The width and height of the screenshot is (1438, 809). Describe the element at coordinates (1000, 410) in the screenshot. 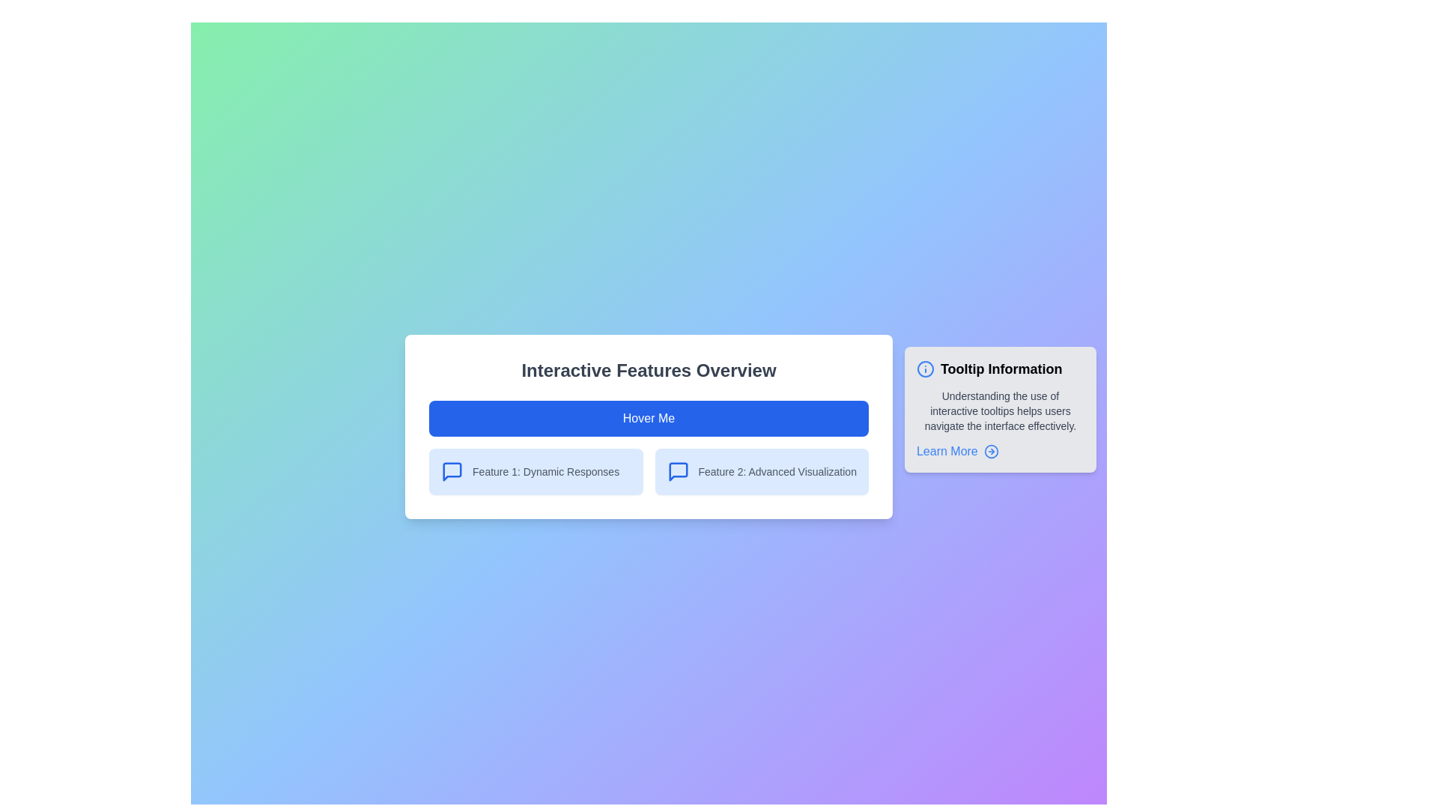

I see `explanatory text located centrally within the 'Tooltip Information' component, specifically positioned under the heading text and above the 'Learn More' link` at that location.